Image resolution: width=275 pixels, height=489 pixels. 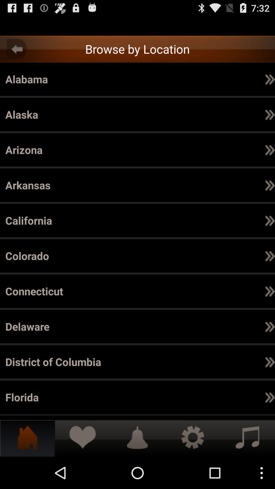 I want to click on icon above, so click(x=270, y=361).